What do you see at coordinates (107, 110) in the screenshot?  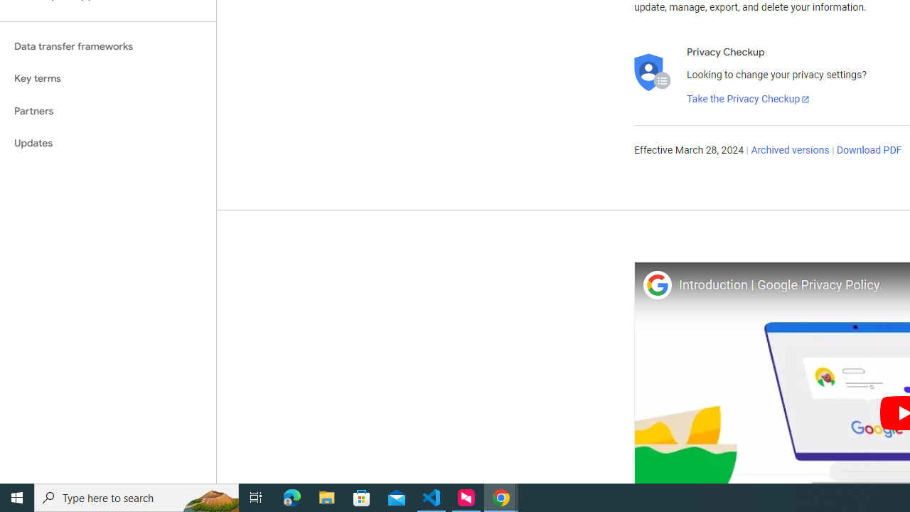 I see `'Partners'` at bounding box center [107, 110].